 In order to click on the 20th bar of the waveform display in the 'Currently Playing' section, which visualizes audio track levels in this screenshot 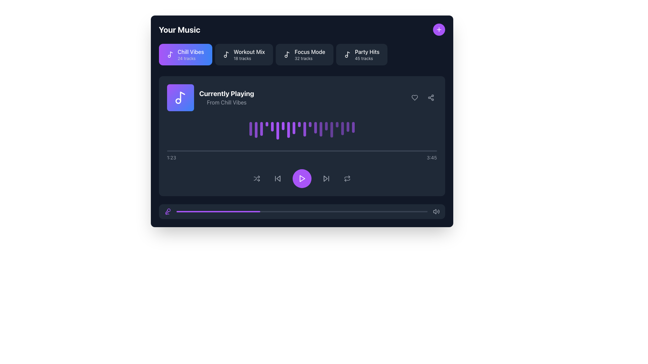, I will do `click(353, 127)`.